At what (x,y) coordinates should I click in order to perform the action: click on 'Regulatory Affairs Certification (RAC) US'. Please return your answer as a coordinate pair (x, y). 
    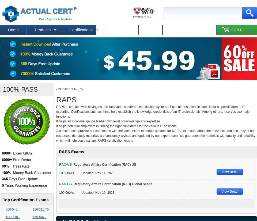
    Looking at the image, I should click on (104, 164).